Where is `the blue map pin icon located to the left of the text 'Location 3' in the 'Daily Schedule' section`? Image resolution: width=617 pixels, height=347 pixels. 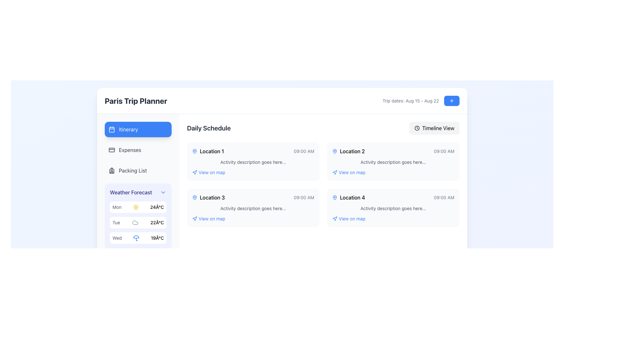 the blue map pin icon located to the left of the text 'Location 3' in the 'Daily Schedule' section is located at coordinates (194, 197).